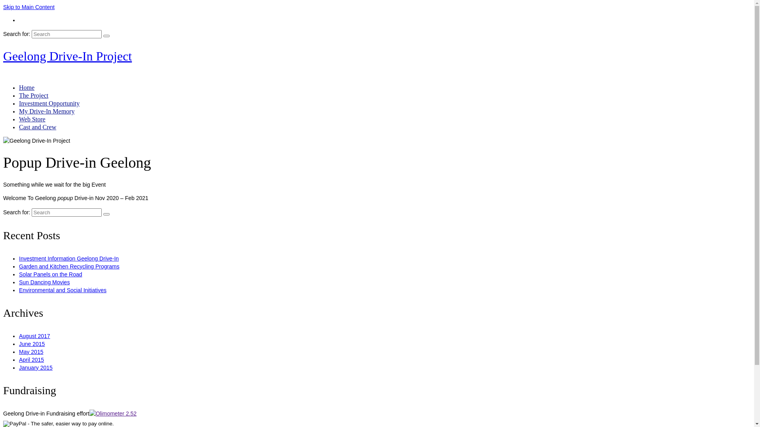 The image size is (760, 427). Describe the element at coordinates (62, 290) in the screenshot. I see `'Environmental and Social Initiatives'` at that location.